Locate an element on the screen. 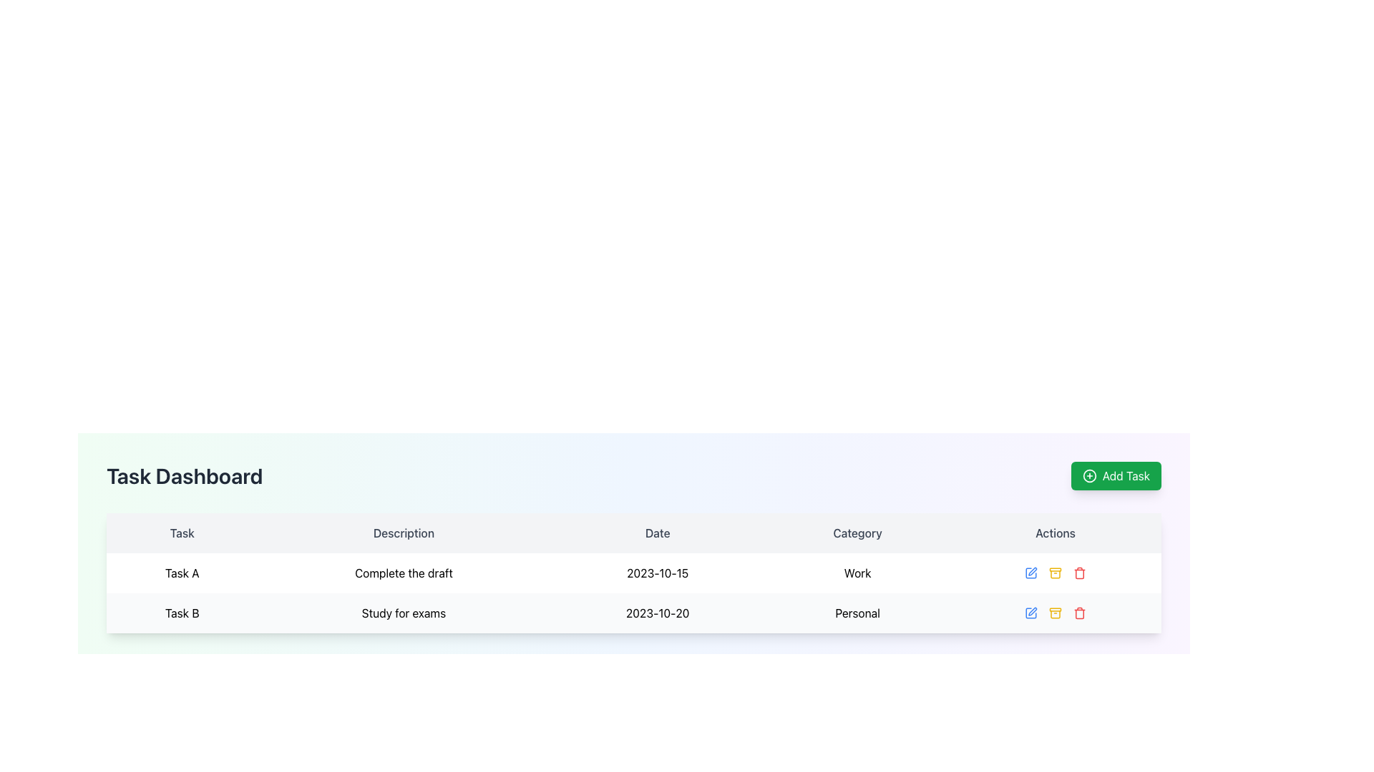  the action buttons group for 'Task A' located in the last cell of the row under the 'Actions' column, adjacent to the 'Category' column with text 'Work' is located at coordinates (1056, 573).